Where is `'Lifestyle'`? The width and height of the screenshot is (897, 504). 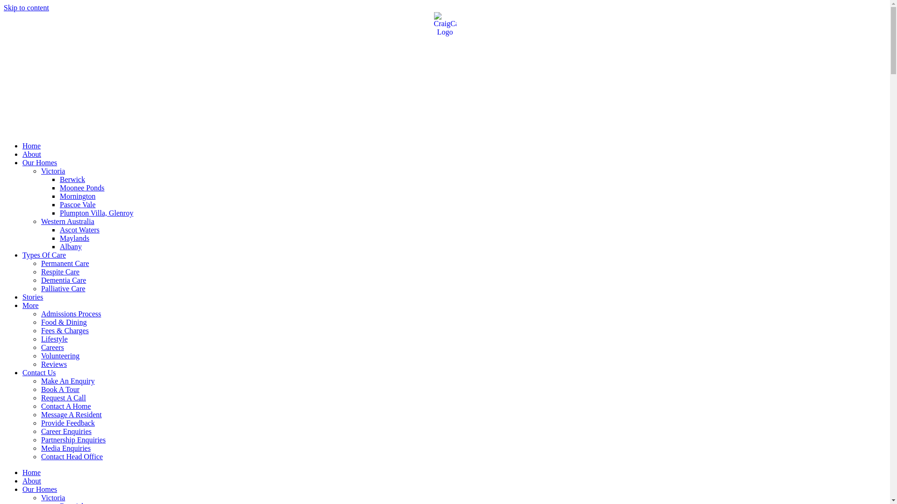 'Lifestyle' is located at coordinates (54, 339).